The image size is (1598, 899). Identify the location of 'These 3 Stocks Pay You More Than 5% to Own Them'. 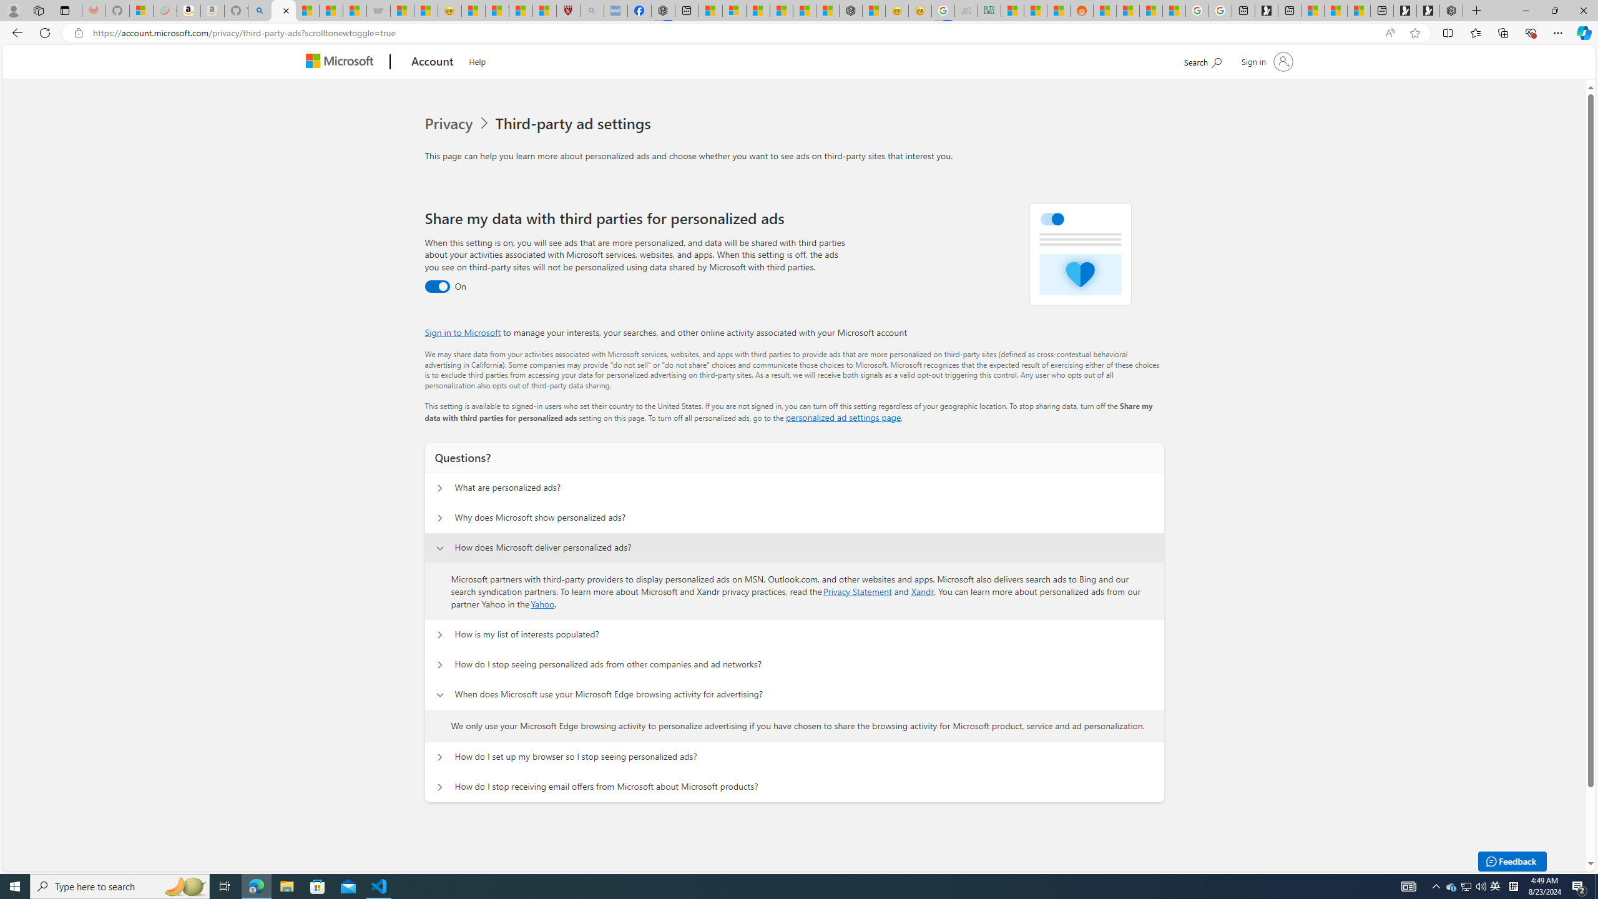
(1358, 10).